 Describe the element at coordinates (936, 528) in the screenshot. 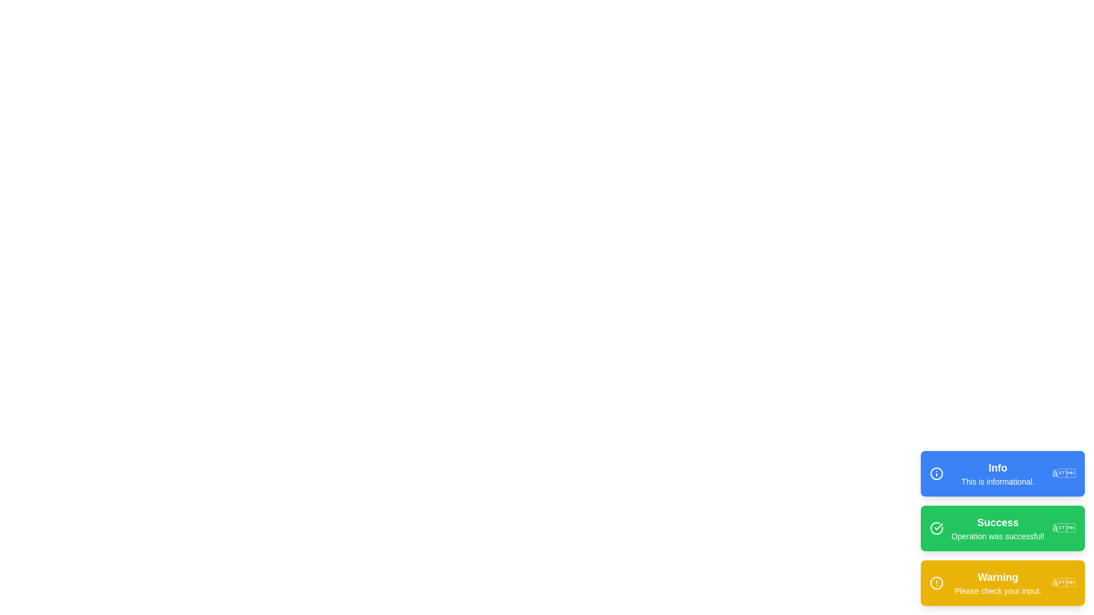

I see `the success confirmation icon located in the green 'Success' section of the interface` at that location.